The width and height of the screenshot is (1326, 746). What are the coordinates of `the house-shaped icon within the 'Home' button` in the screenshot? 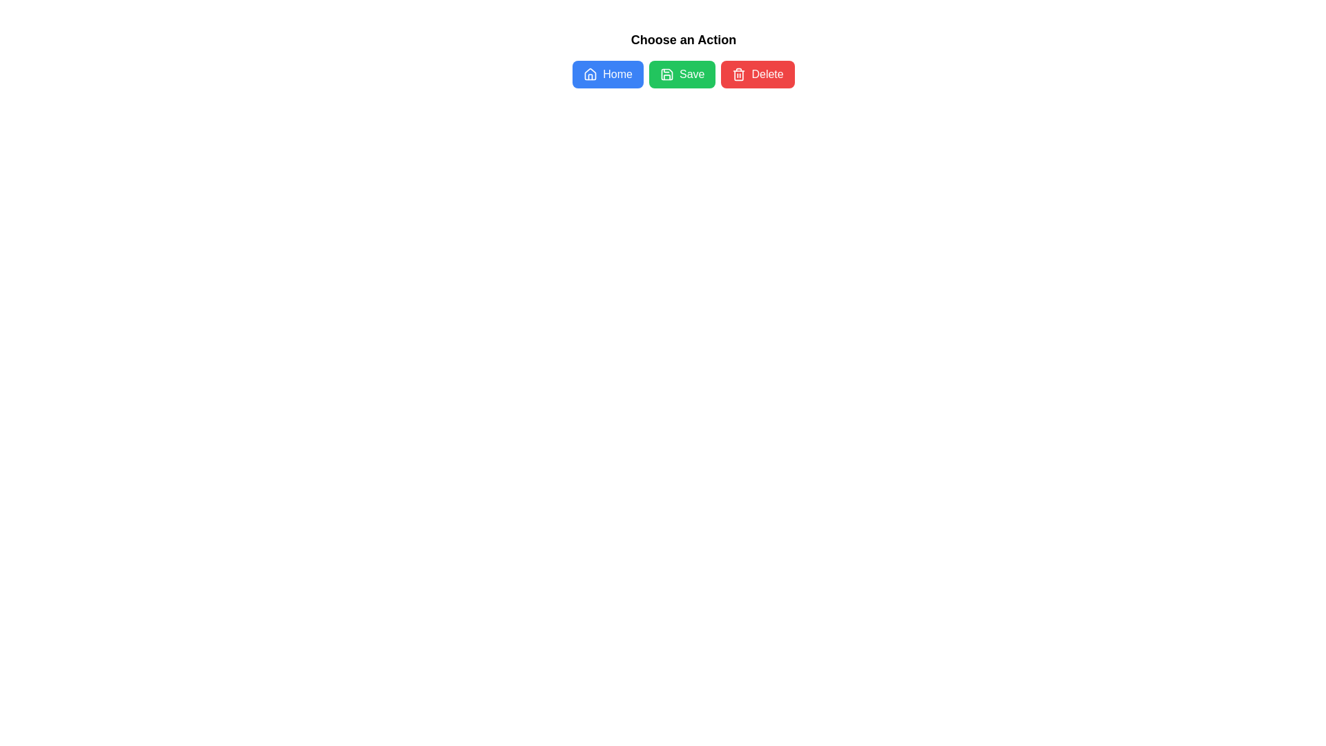 It's located at (590, 75).